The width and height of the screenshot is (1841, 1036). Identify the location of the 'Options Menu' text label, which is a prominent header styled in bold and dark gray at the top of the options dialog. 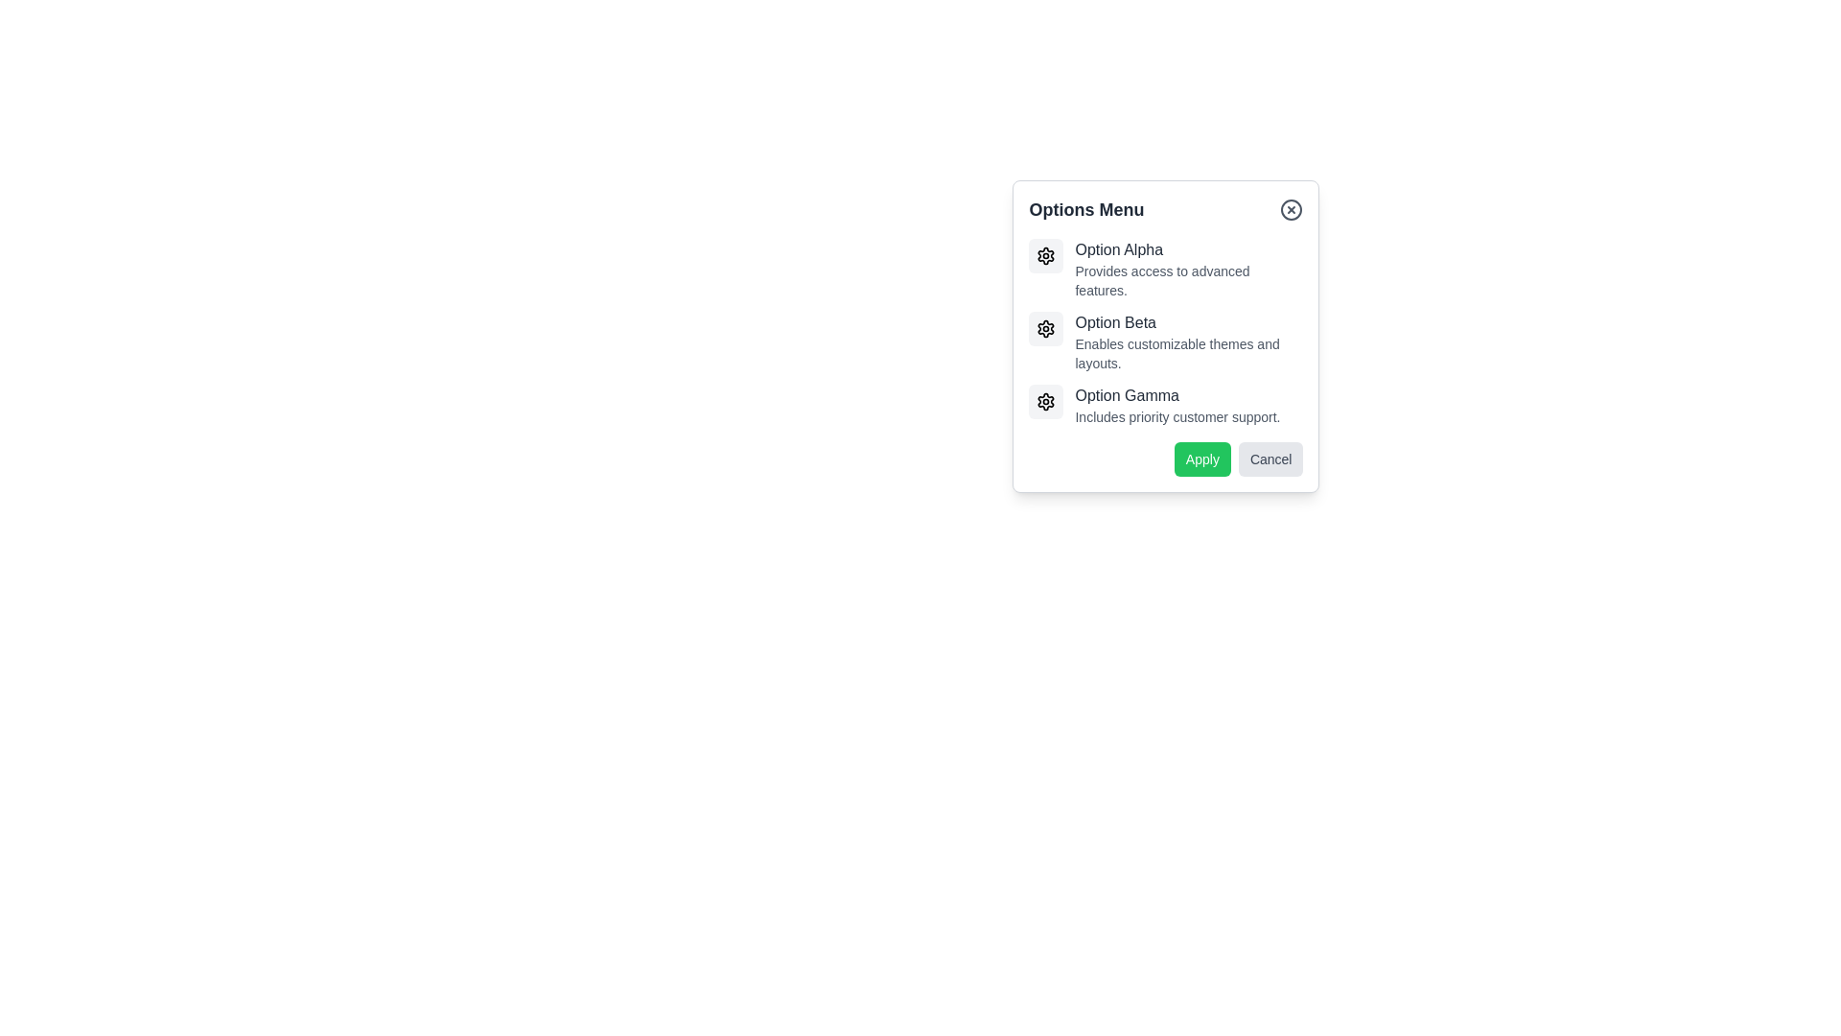
(1086, 210).